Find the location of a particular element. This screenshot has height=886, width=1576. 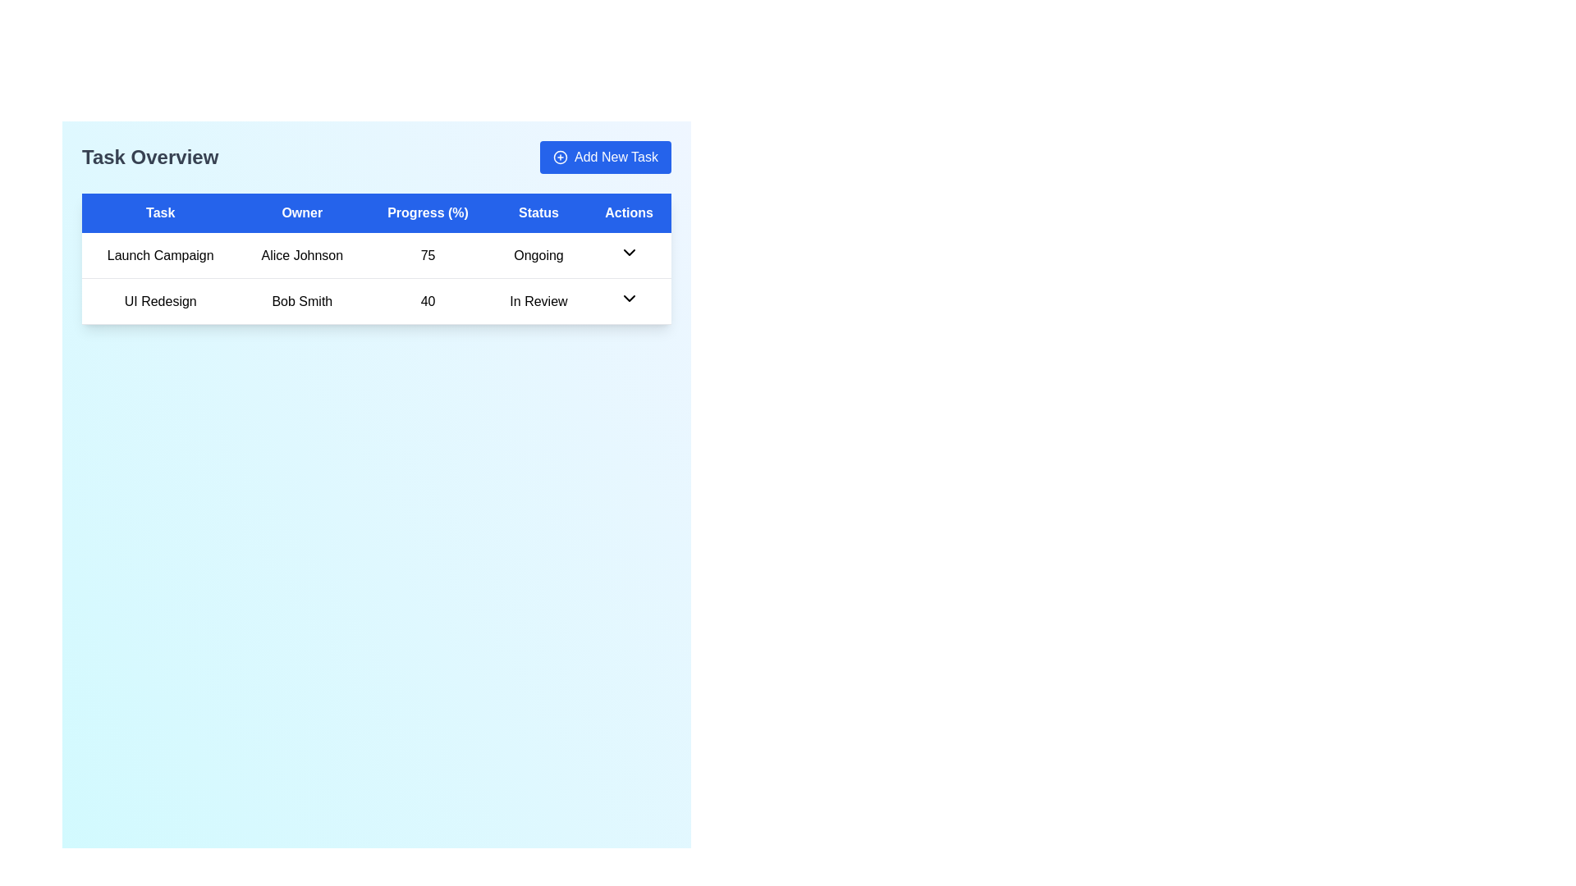

the 'Launch Campaign' status text label located in the first row of the table under the 'Status' heading, which indicates an ongoing task is located at coordinates (538, 255).